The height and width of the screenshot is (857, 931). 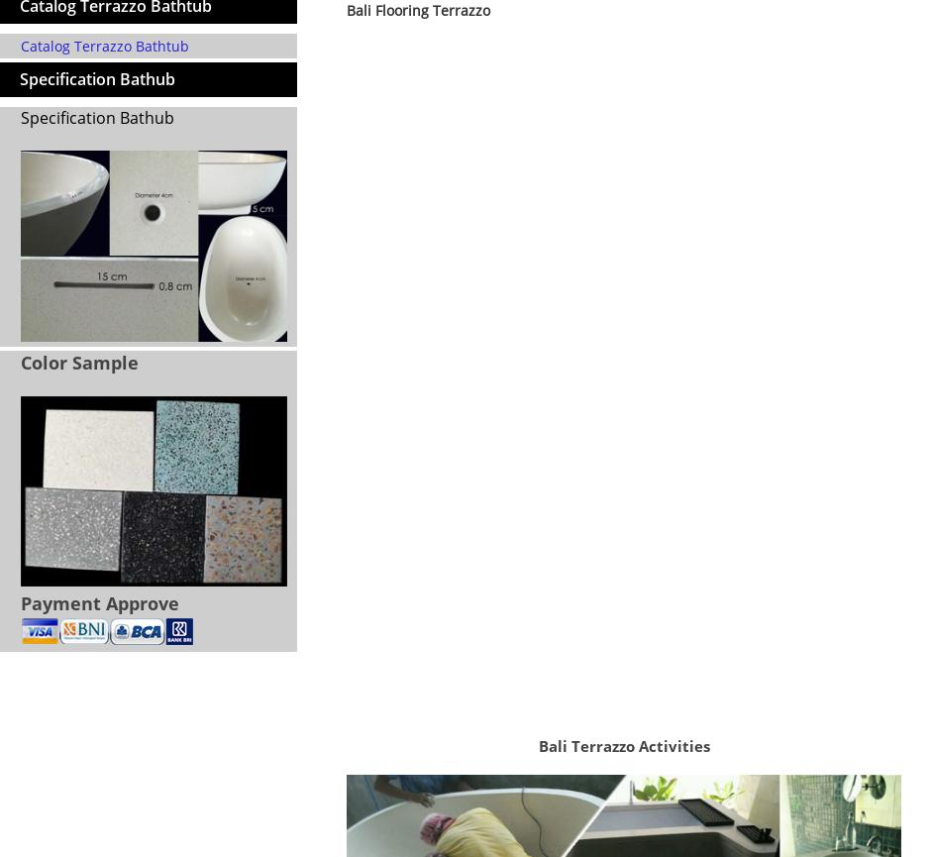 I want to click on 'Payment Approve', so click(x=20, y=602).